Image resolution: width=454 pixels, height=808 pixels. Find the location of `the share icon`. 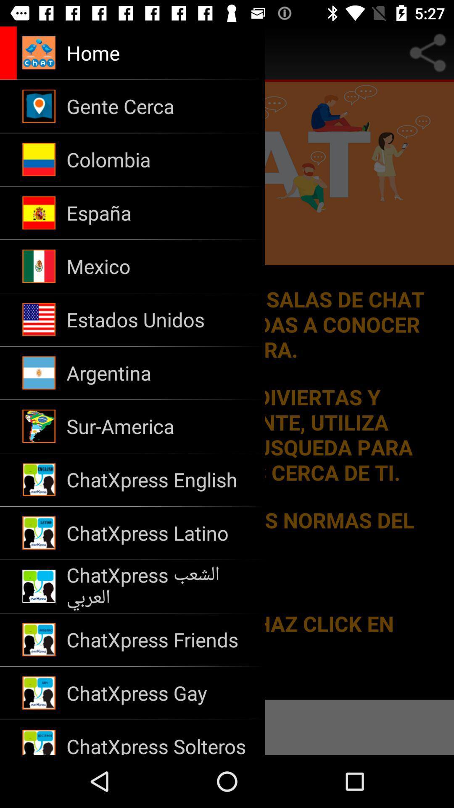

the share icon is located at coordinates (428, 52).